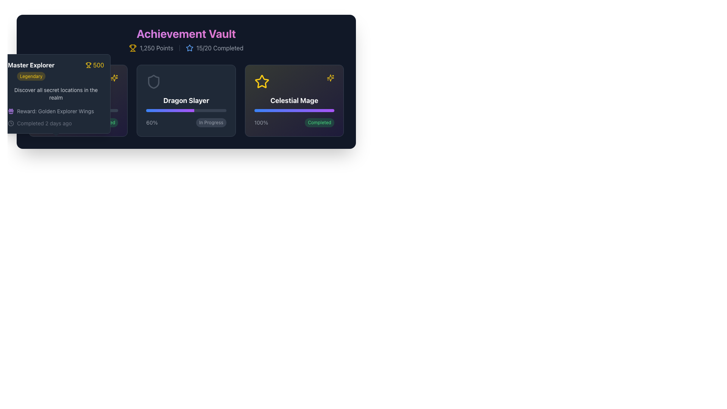  What do you see at coordinates (31, 76) in the screenshot?
I see `the 'Legendary' status label indicating the 'Master Explorer' achievement, which is located directly beneath the title in the card-like structure` at bounding box center [31, 76].